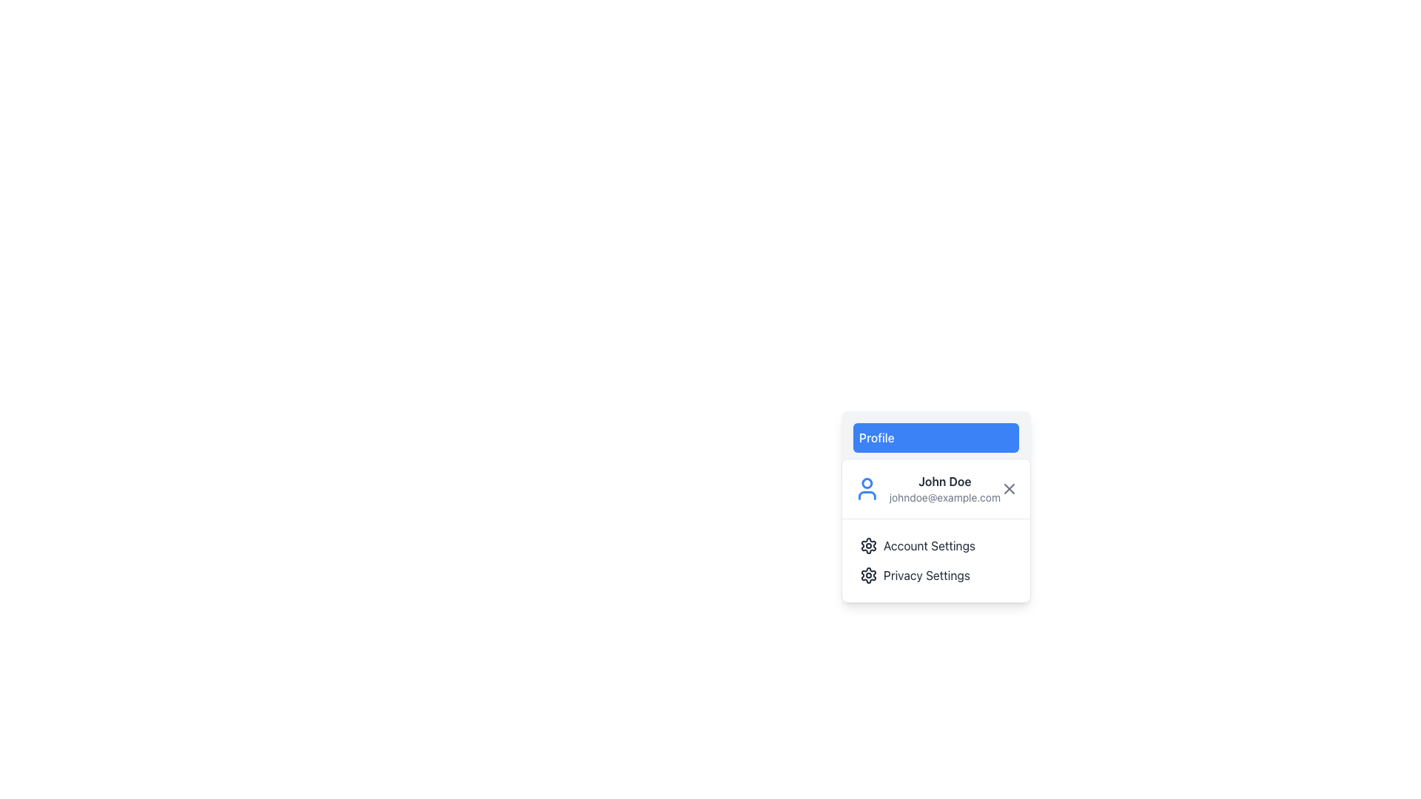  I want to click on the 'X' icon in the dropdown menu, so click(1008, 488).